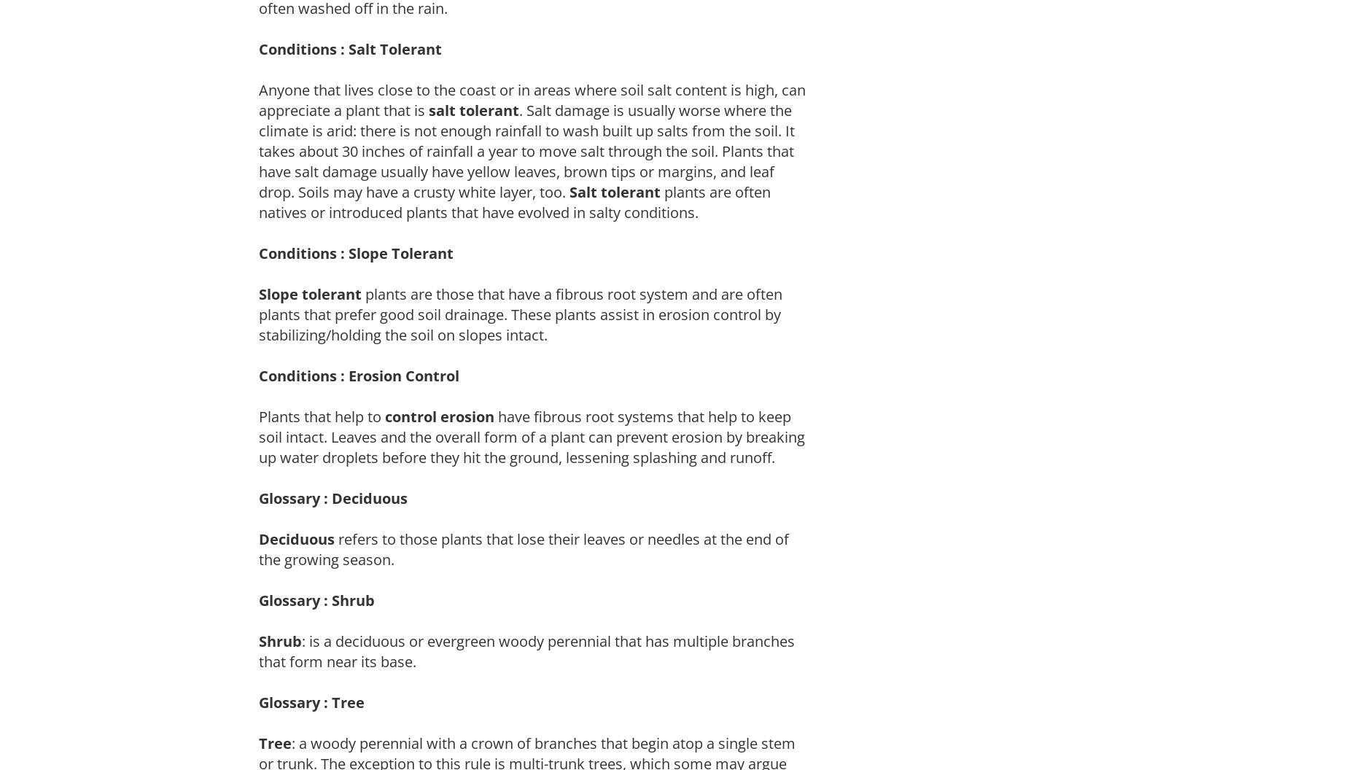 This screenshot has height=770, width=1349. I want to click on 'Deciduous', so click(296, 537).